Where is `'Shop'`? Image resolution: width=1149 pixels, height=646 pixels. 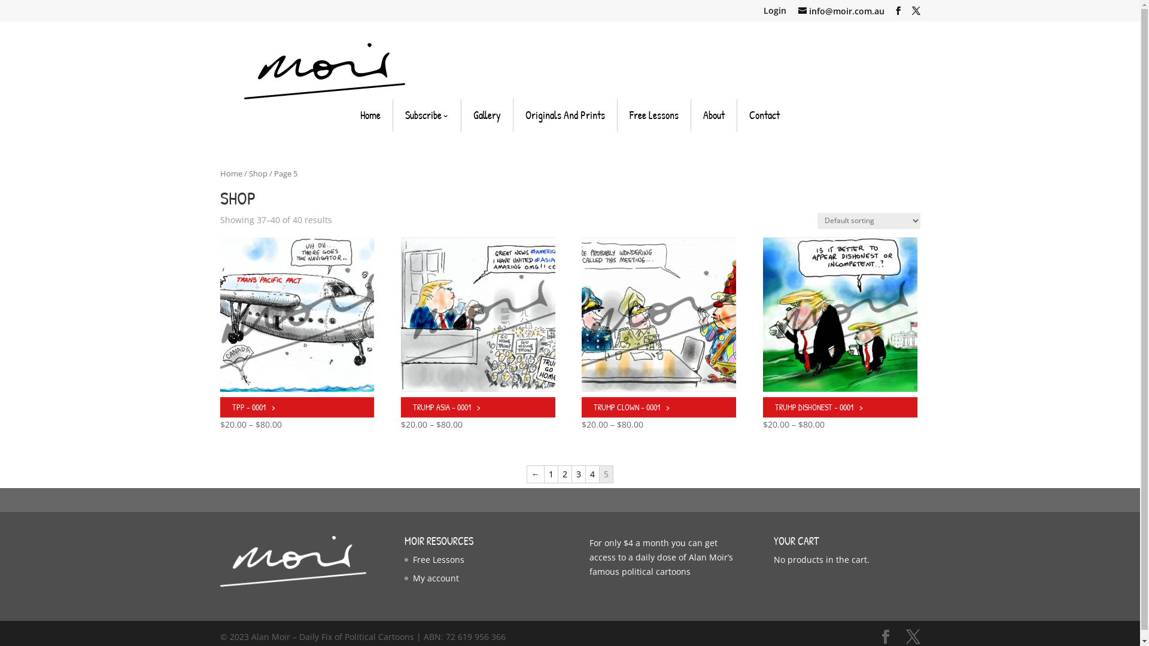
'Shop' is located at coordinates (248, 173).